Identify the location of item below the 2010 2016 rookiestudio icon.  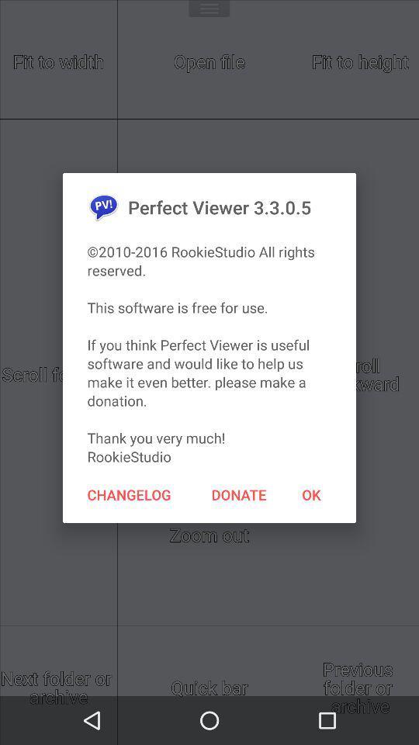
(311, 494).